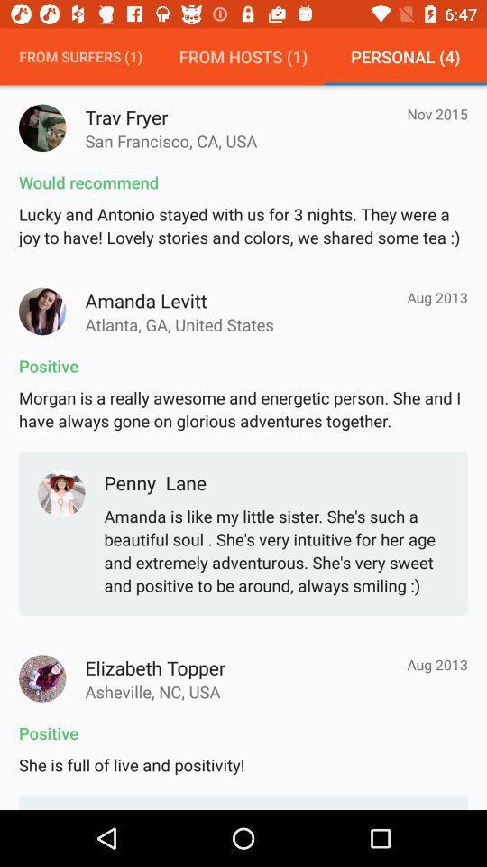  I want to click on user profile picture, so click(42, 677).